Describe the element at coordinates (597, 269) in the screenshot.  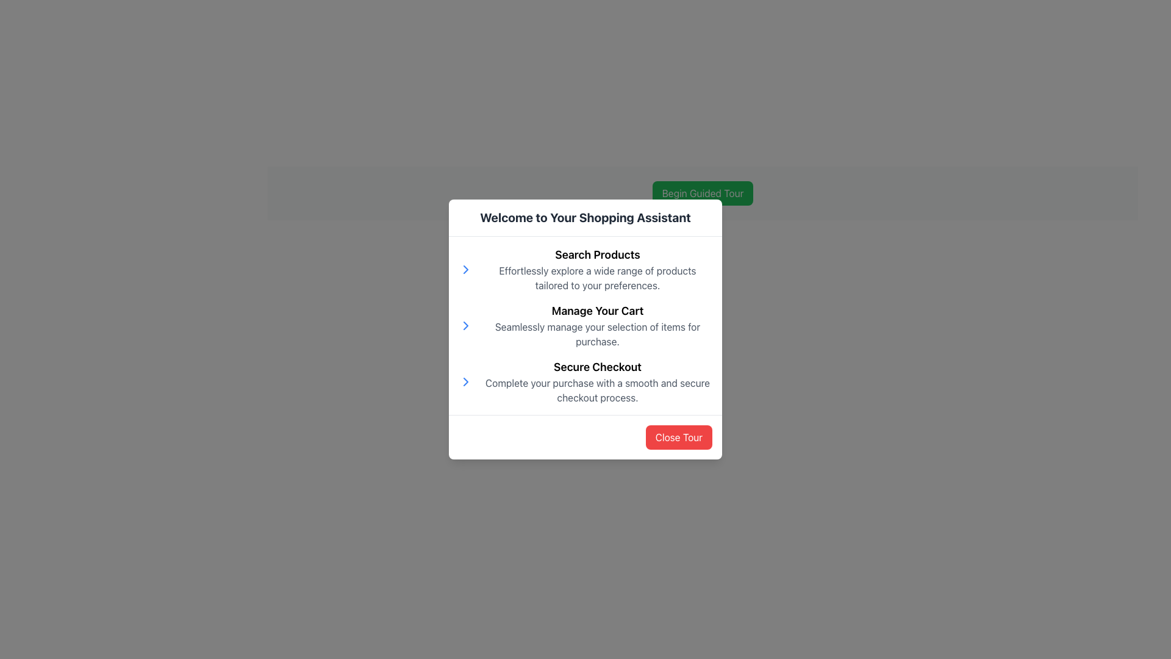
I see `the static informational text block that reads 'Search Products' located in the modal titled 'Welcome to Your Shopping Assistant'` at that location.